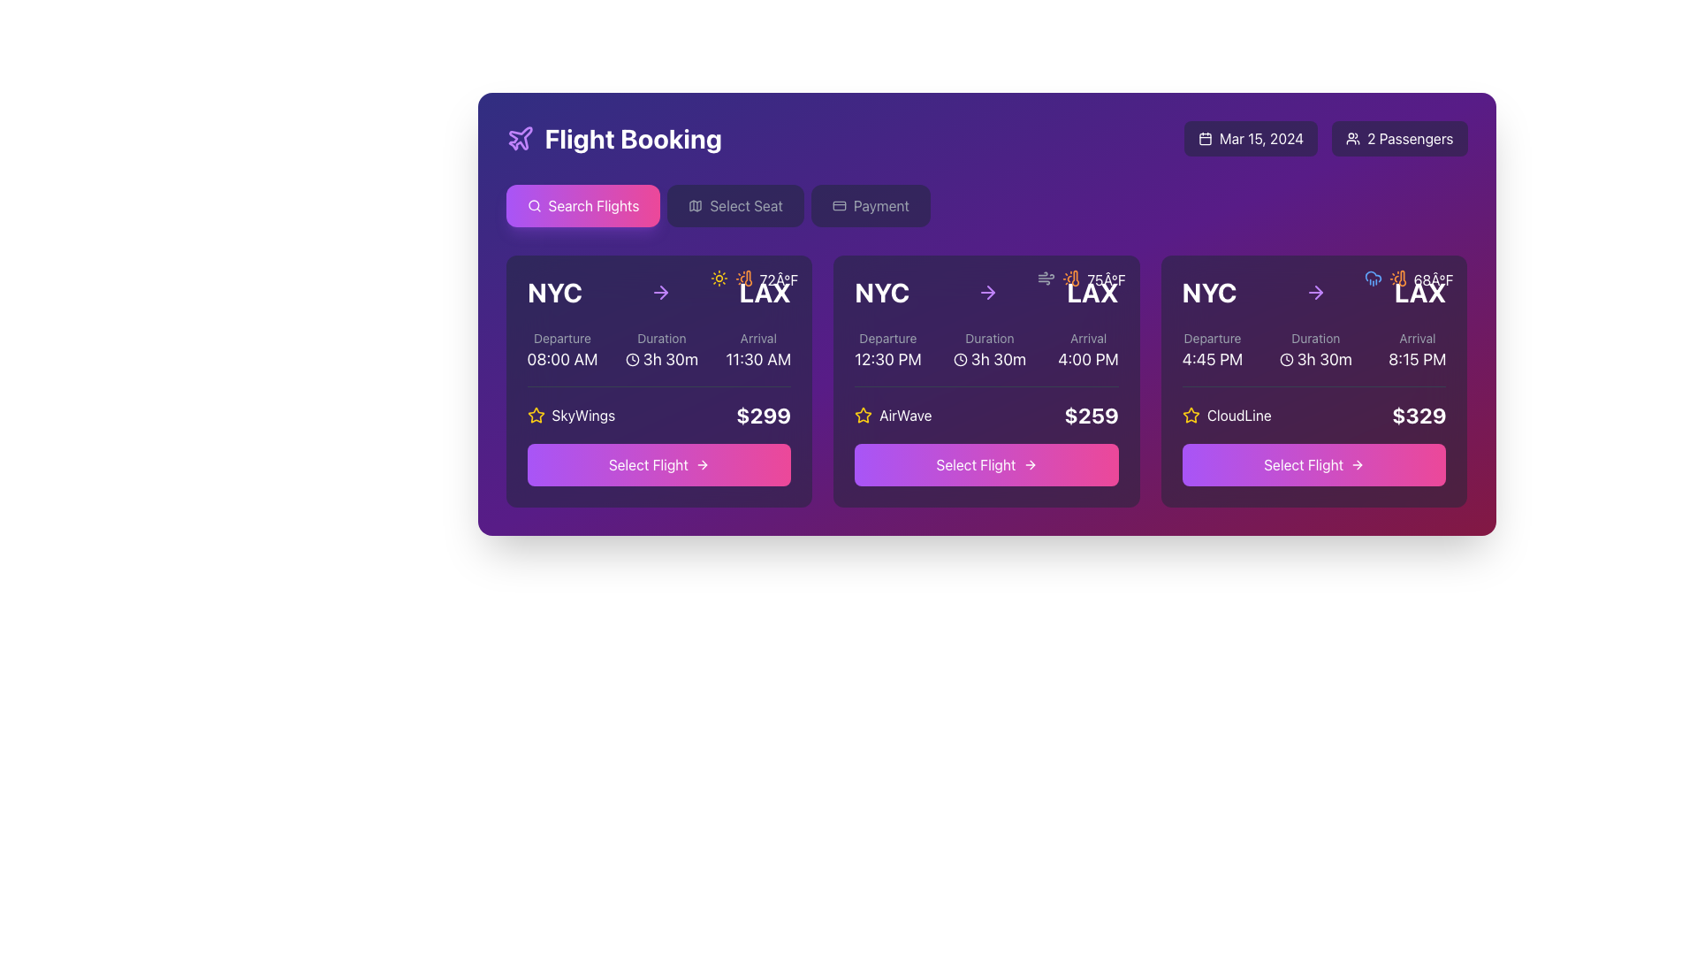 Image resolution: width=1697 pixels, height=955 pixels. Describe the element at coordinates (719, 279) in the screenshot. I see `the sunny weather icon in the first flight card (NYC to LAX departing at 08:00 AM), located above the temperature text '72°F'` at that location.